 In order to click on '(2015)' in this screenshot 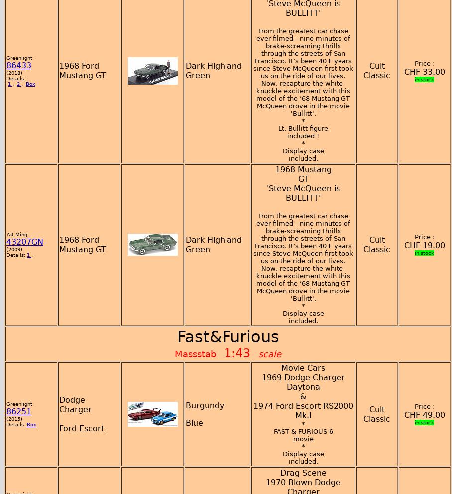, I will do `click(13, 418)`.